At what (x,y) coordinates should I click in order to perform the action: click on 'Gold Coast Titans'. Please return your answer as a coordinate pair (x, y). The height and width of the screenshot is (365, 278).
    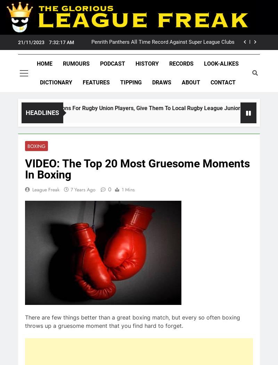
    Looking at the image, I should click on (55, 246).